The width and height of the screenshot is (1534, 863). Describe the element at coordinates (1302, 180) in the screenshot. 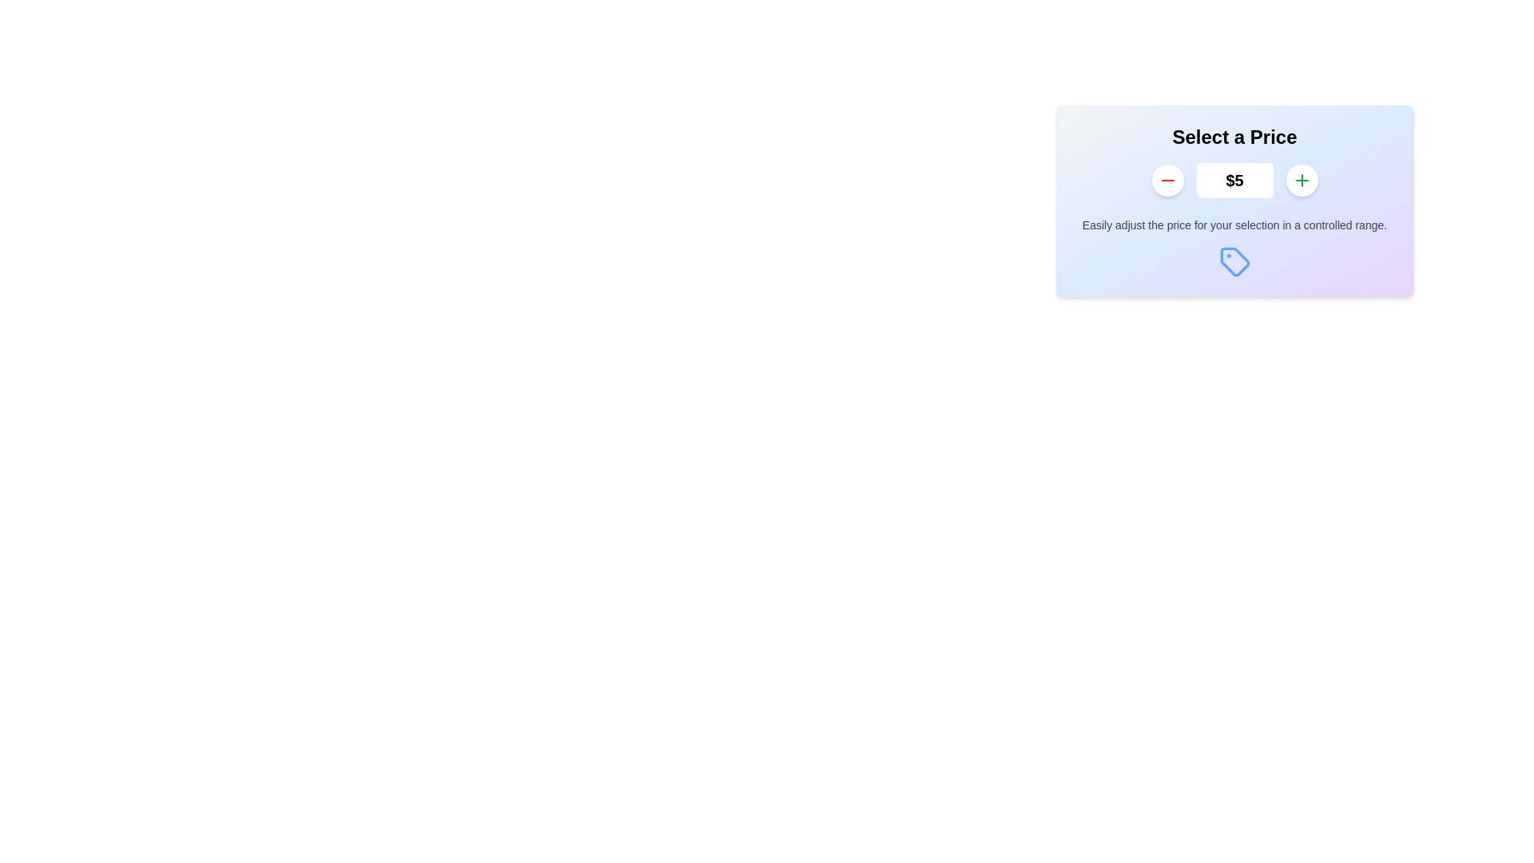

I see `the increment button located on the right side of the horizontal group of items` at that location.